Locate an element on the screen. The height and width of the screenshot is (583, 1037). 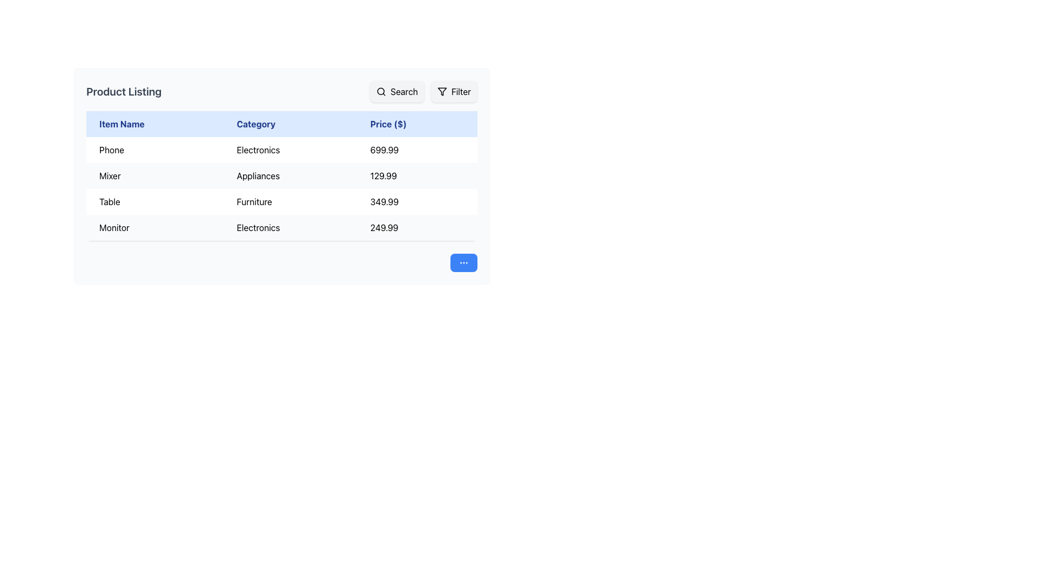
the first row of the table displaying 'Phone', 'Electronics', and '699.99' is located at coordinates (282, 150).